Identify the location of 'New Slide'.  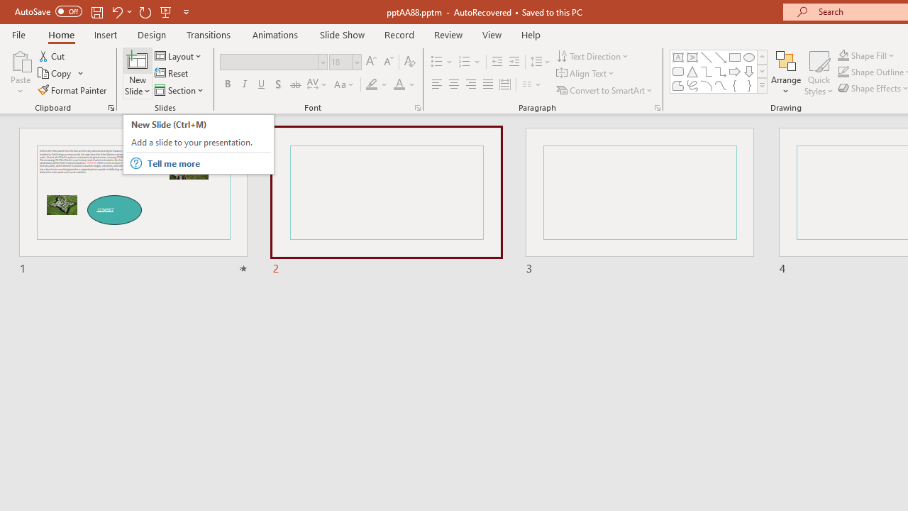
(137, 73).